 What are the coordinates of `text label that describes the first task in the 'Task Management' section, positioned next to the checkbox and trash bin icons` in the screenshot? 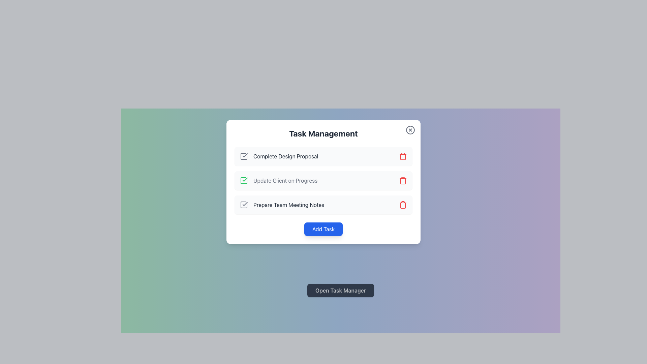 It's located at (286, 156).